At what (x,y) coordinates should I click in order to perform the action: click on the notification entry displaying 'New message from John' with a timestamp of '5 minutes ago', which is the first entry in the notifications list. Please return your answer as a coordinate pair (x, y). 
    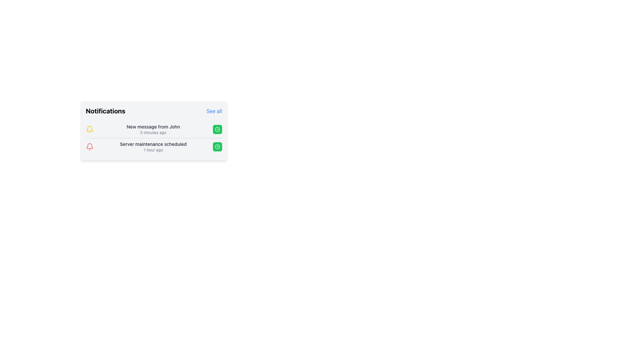
    Looking at the image, I should click on (154, 129).